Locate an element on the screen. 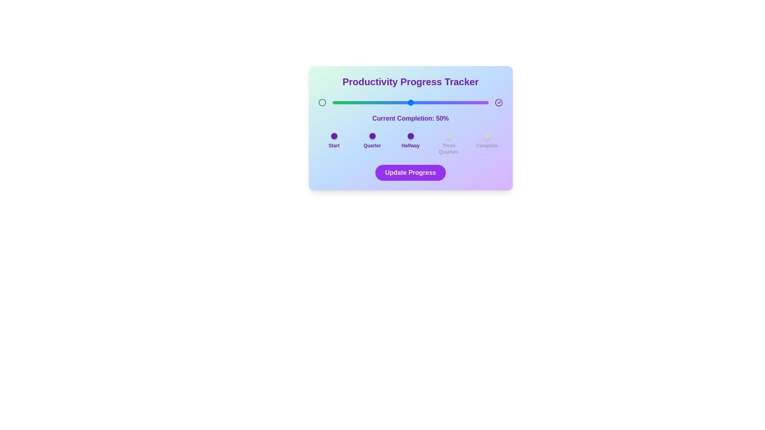  the decorative milestone indicator for 'Quarter' is located at coordinates (372, 136).